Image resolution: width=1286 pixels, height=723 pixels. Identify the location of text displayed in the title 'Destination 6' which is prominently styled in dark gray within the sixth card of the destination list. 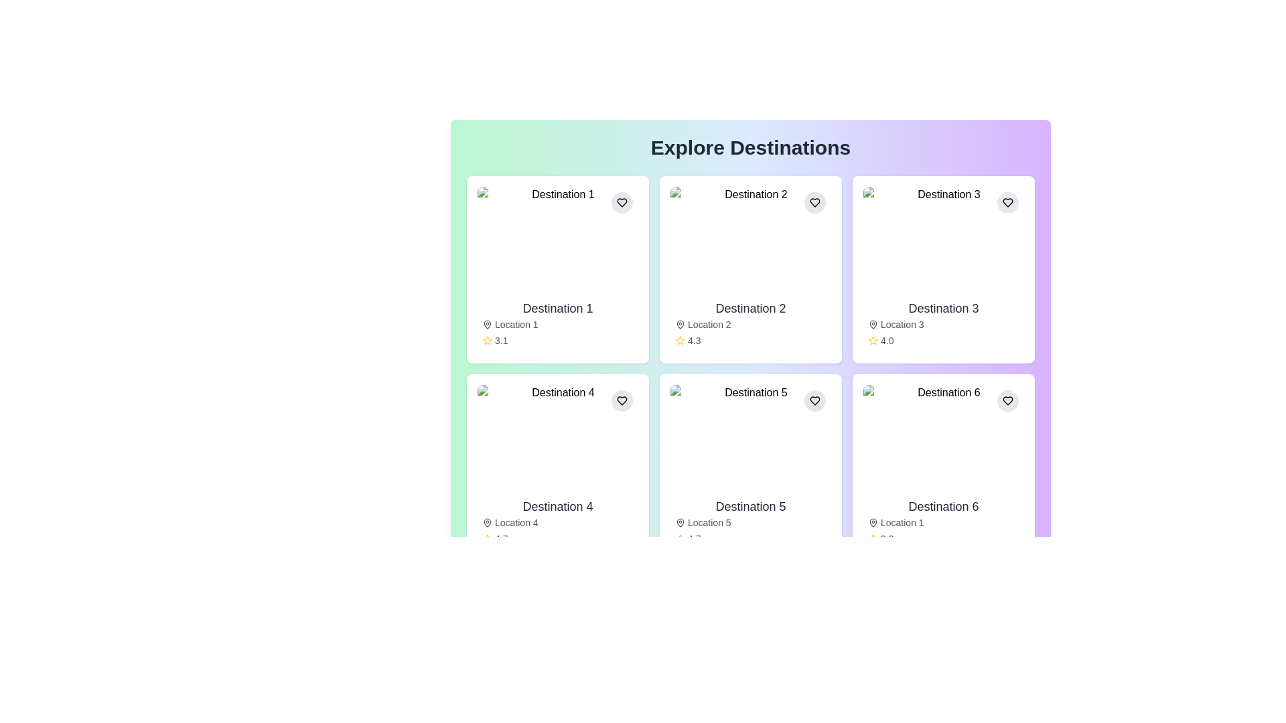
(943, 506).